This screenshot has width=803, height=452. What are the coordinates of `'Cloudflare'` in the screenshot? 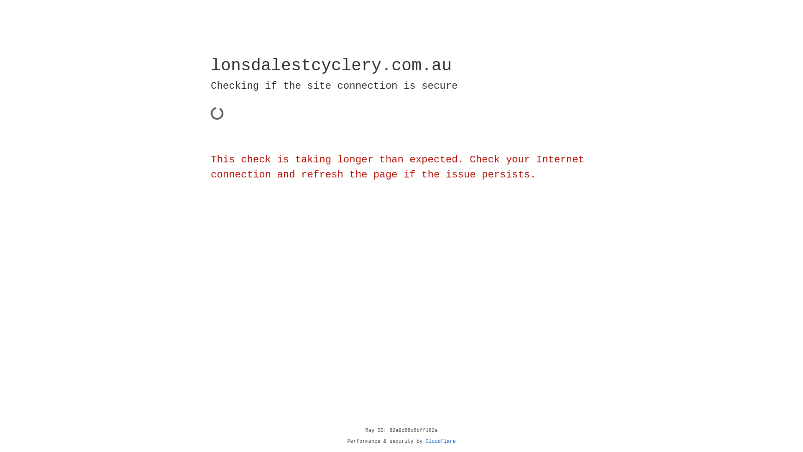 It's located at (440, 441).